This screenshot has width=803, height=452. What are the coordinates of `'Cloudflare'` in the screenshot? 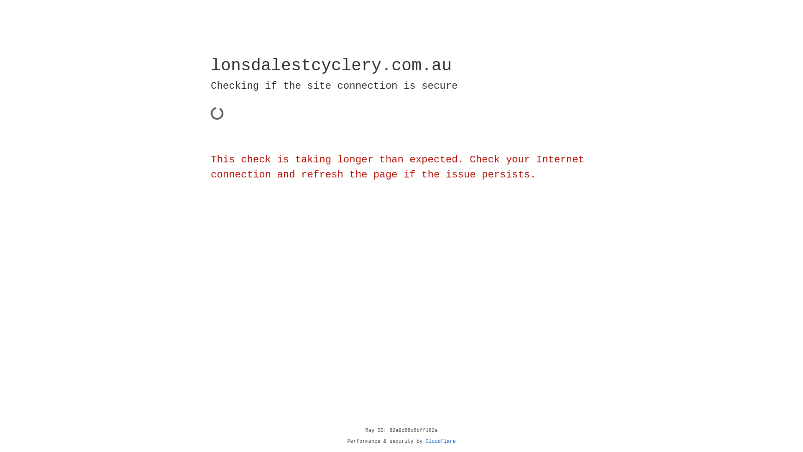 It's located at (440, 441).